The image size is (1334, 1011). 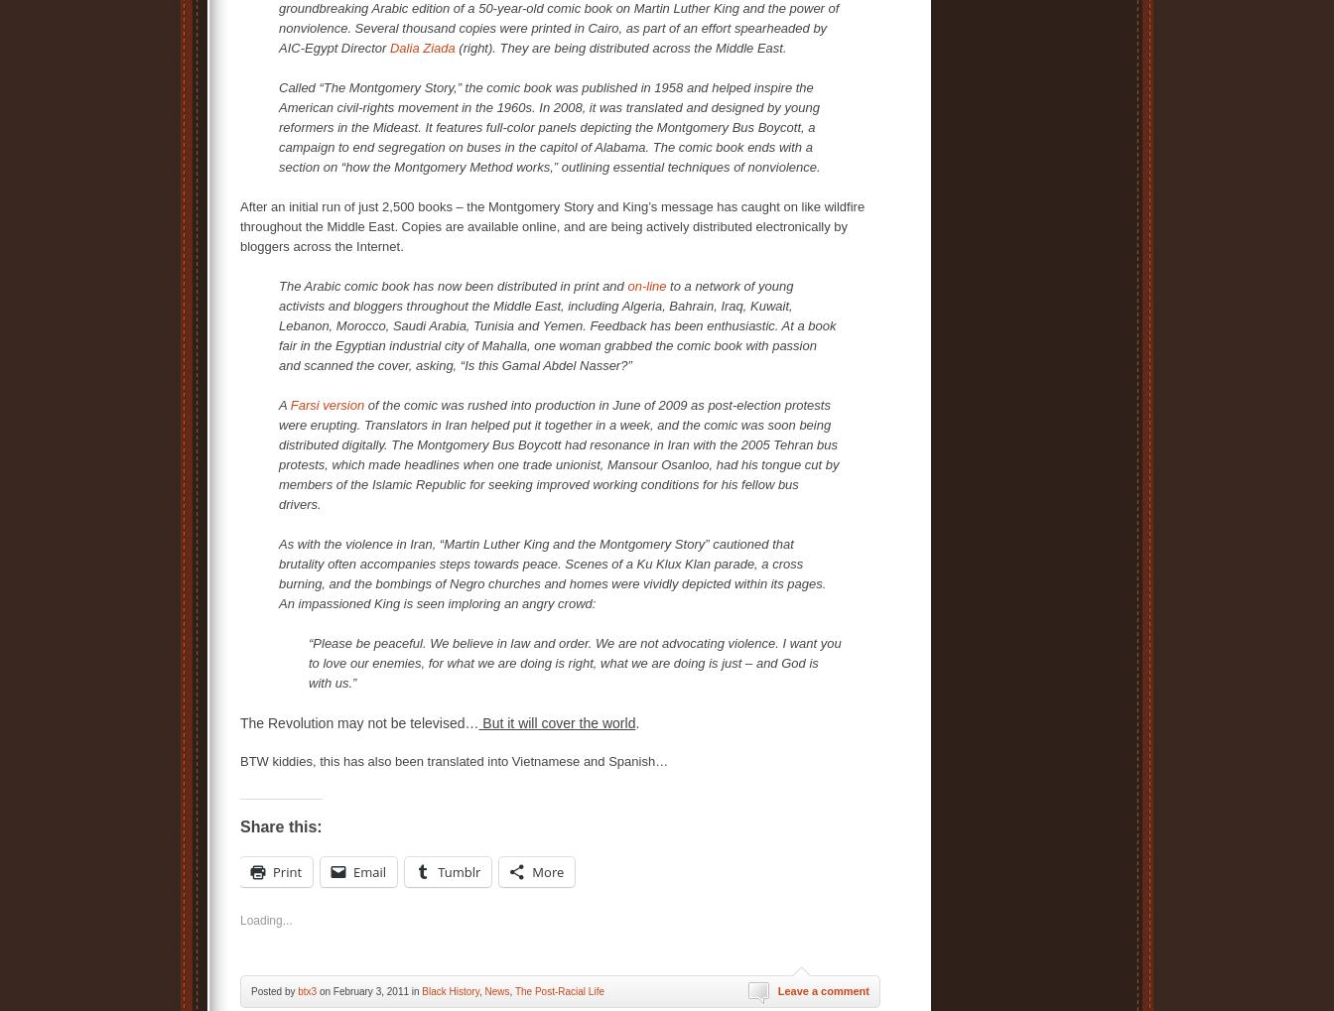 What do you see at coordinates (513, 990) in the screenshot?
I see `'The Post-Racial Life'` at bounding box center [513, 990].